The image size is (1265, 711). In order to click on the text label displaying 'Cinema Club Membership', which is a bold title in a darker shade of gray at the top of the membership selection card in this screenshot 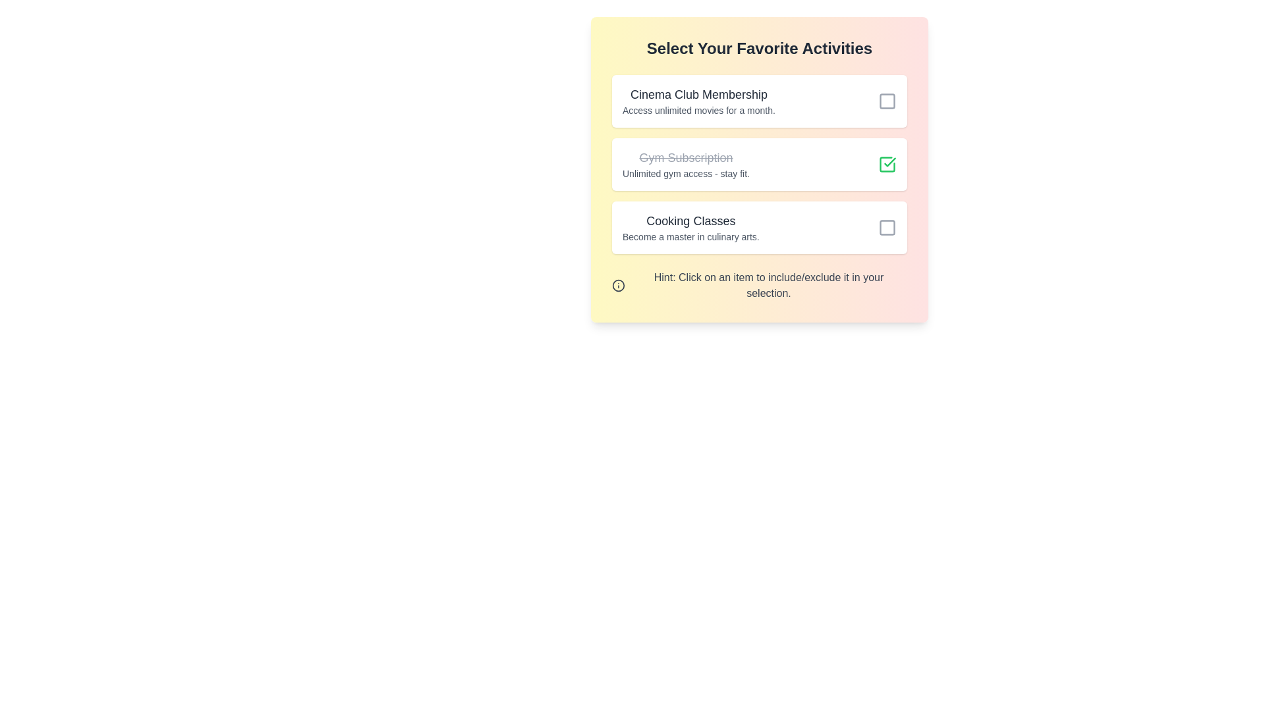, I will do `click(698, 93)`.